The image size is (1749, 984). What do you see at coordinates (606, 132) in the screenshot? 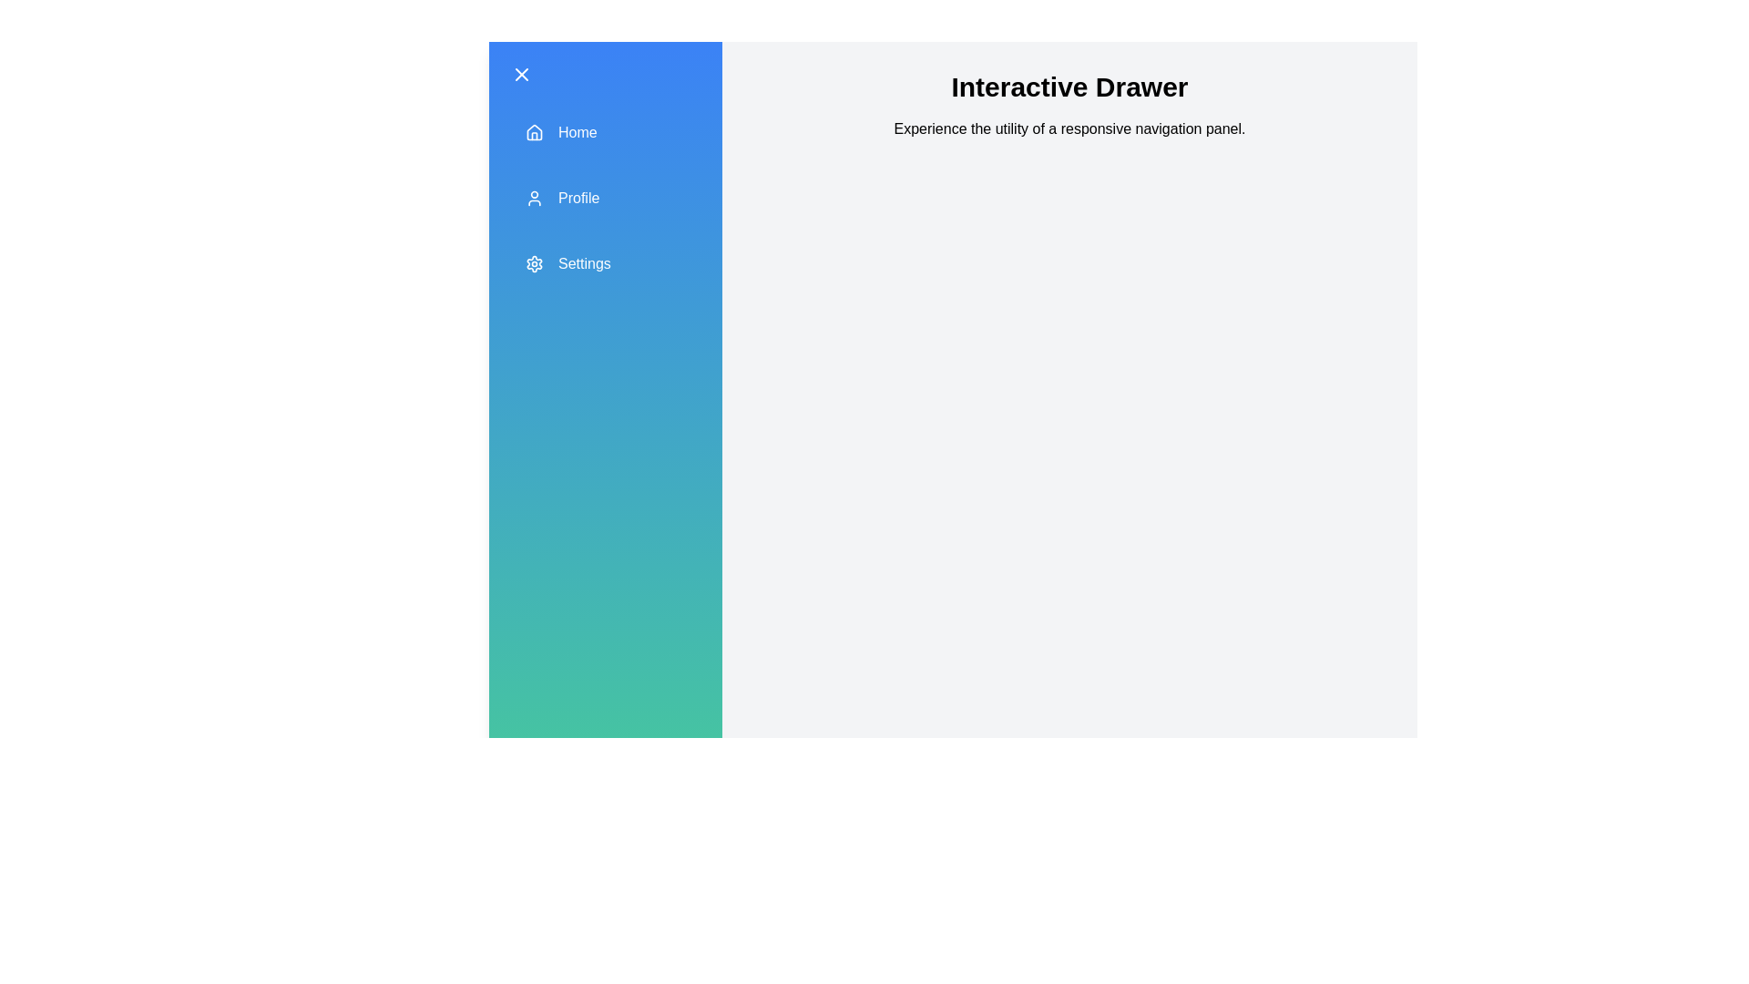
I see `the 'Home' section in the drawer` at bounding box center [606, 132].